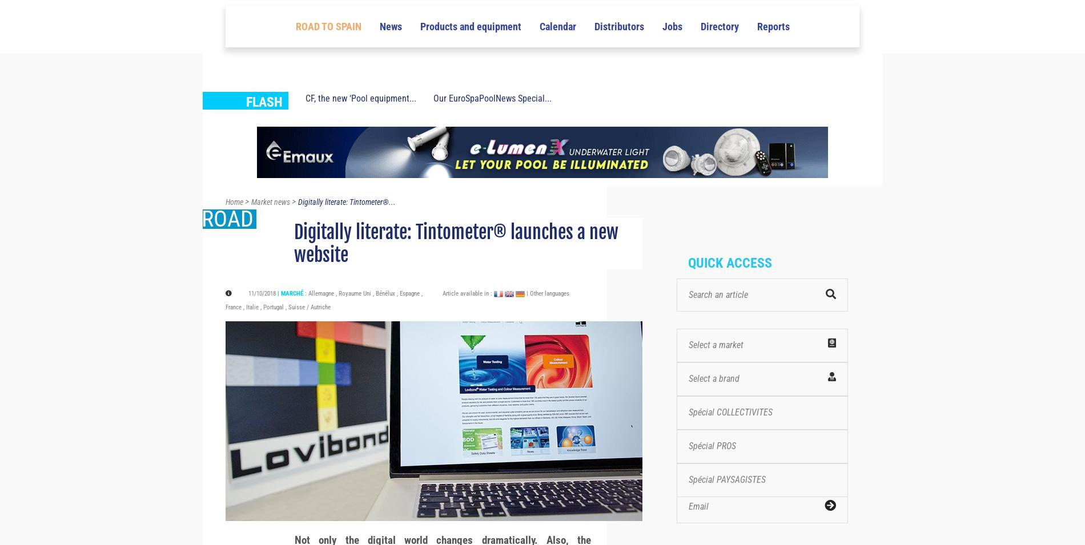 The height and width of the screenshot is (545, 1085). I want to click on 'France', so click(233, 328).